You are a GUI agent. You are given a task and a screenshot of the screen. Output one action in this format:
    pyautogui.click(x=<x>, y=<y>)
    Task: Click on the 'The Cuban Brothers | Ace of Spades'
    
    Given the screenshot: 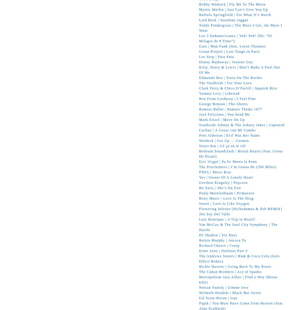 What is the action you would take?
    pyautogui.click(x=230, y=271)
    